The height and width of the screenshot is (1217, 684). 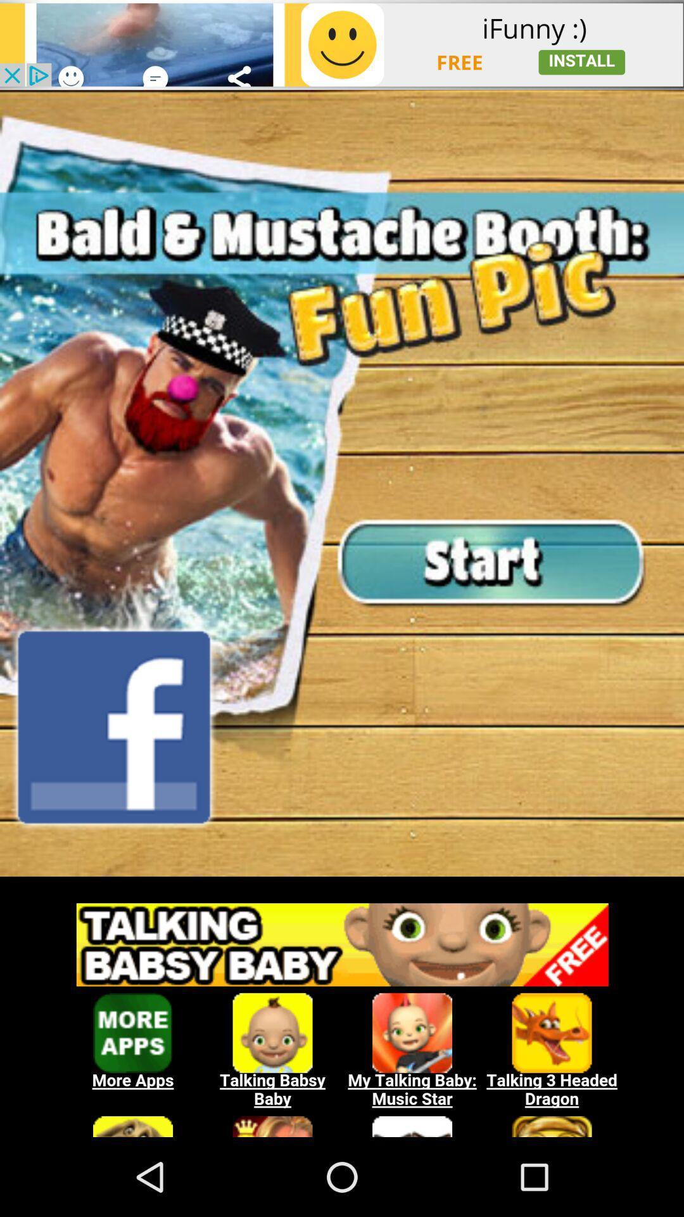 What do you see at coordinates (342, 482) in the screenshot?
I see `start the app` at bounding box center [342, 482].